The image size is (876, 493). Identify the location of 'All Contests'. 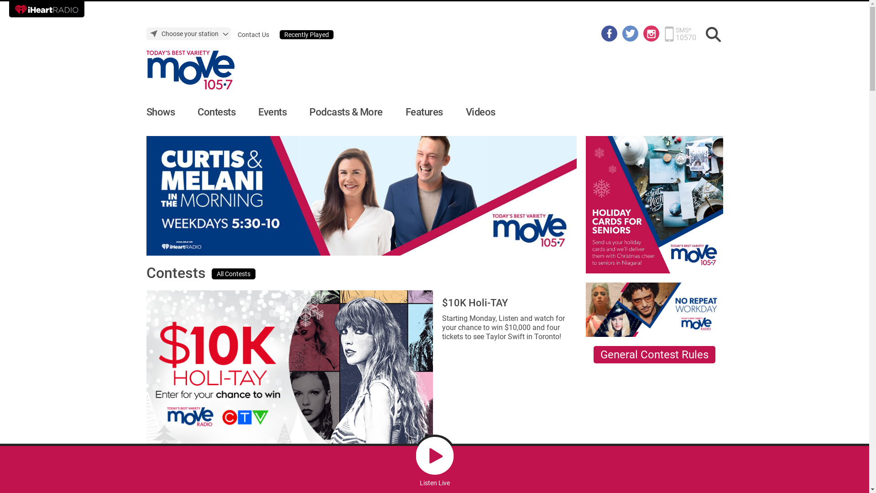
(234, 273).